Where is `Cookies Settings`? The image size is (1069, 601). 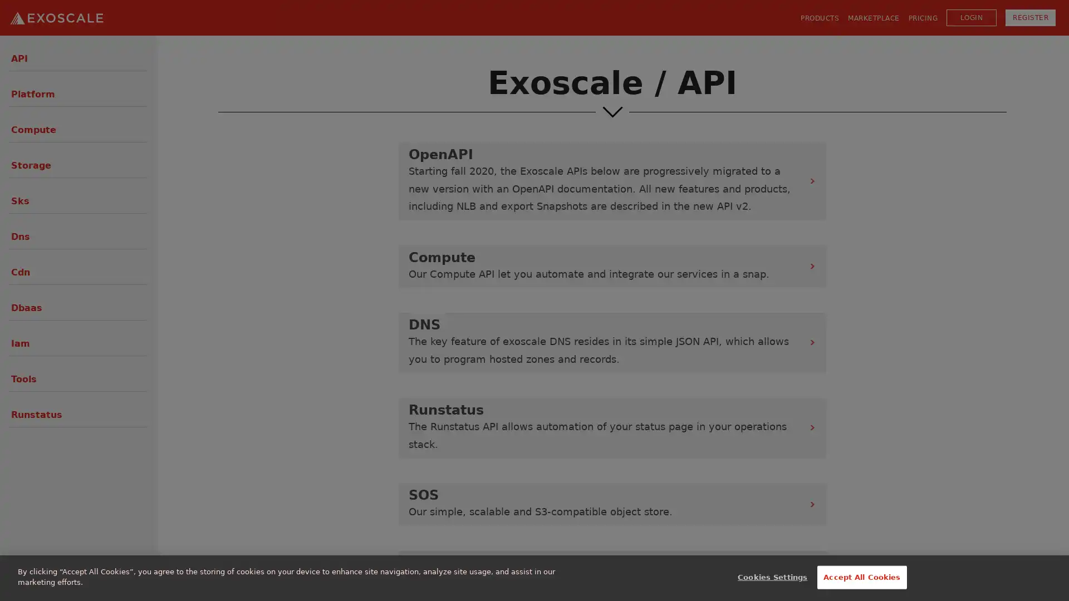
Cookies Settings is located at coordinates (769, 577).